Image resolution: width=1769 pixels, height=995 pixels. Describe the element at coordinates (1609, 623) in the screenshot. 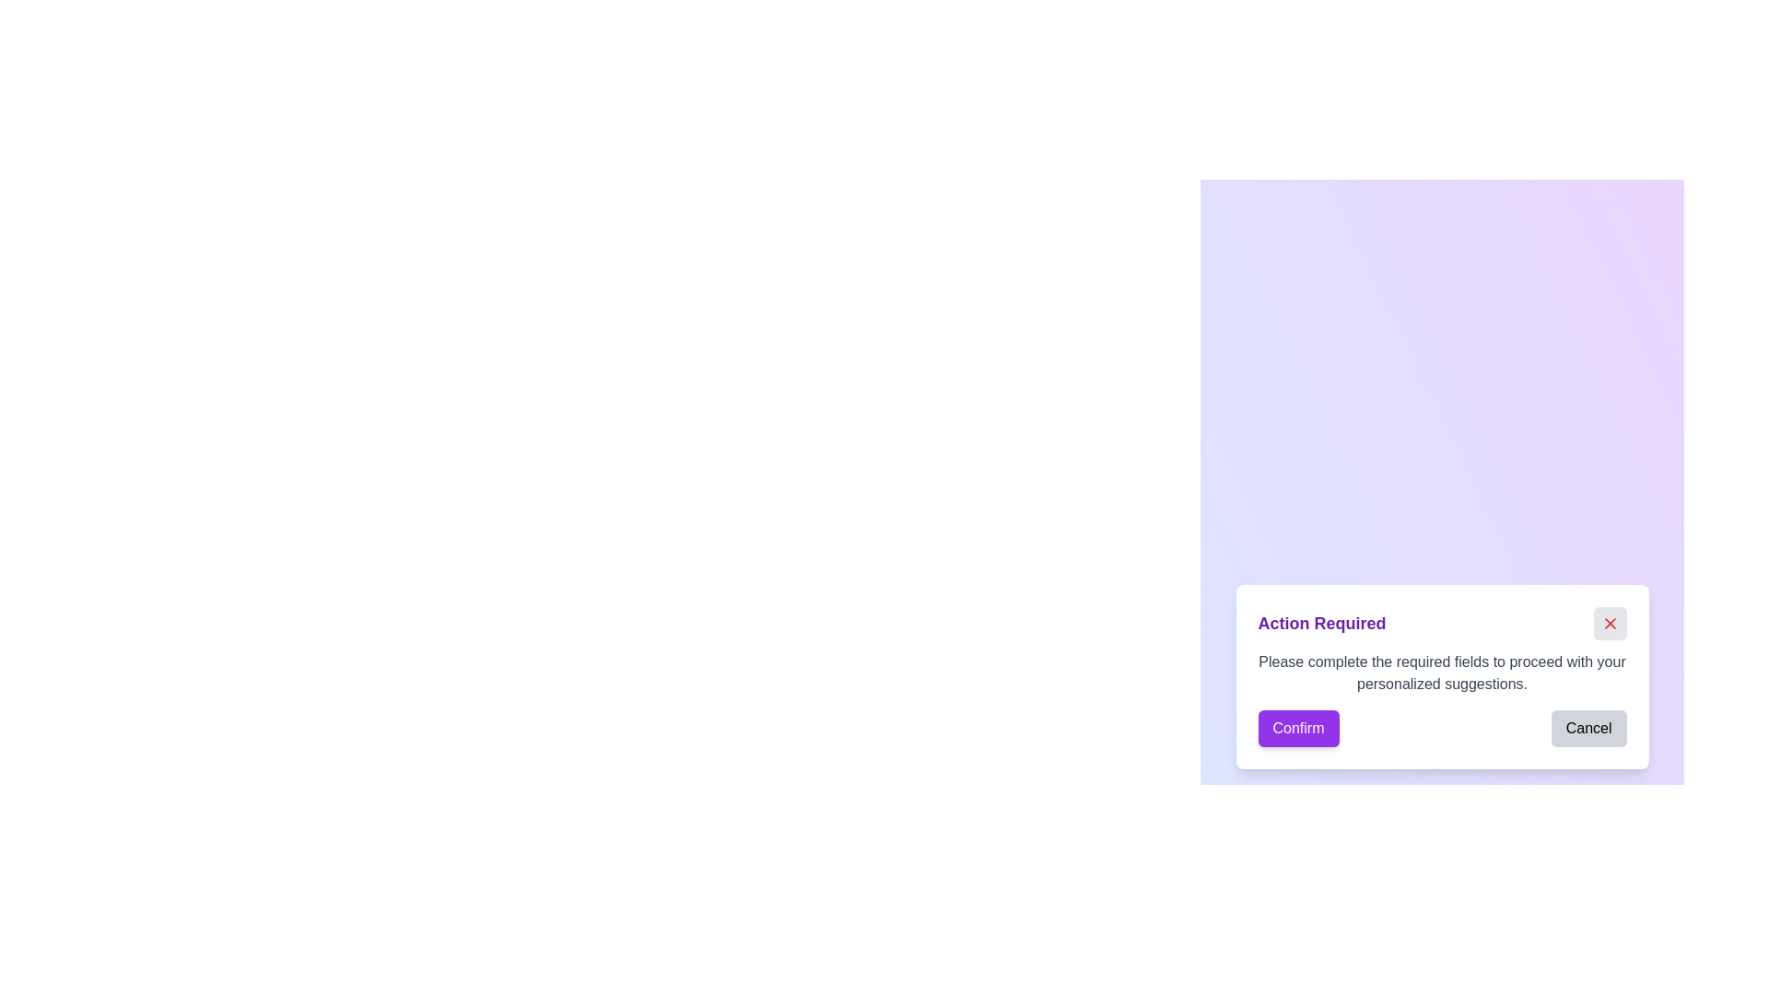

I see `the Close button (X icon) located in the top-right corner of the 'Action Required' modal dialog` at that location.